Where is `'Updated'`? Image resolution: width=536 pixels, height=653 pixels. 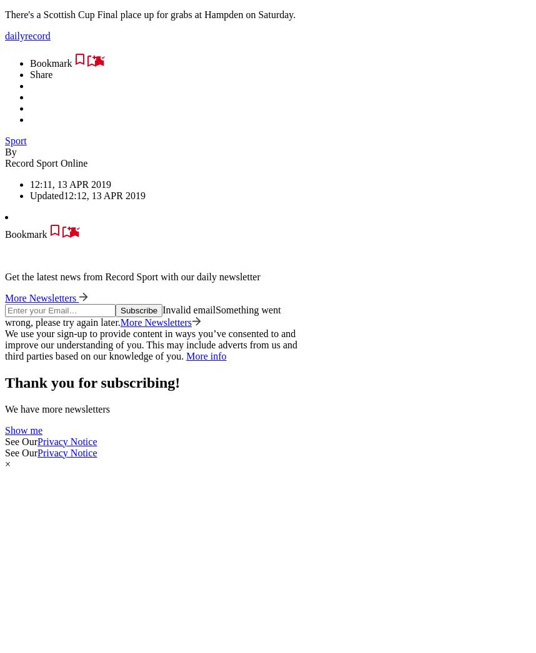 'Updated' is located at coordinates (46, 195).